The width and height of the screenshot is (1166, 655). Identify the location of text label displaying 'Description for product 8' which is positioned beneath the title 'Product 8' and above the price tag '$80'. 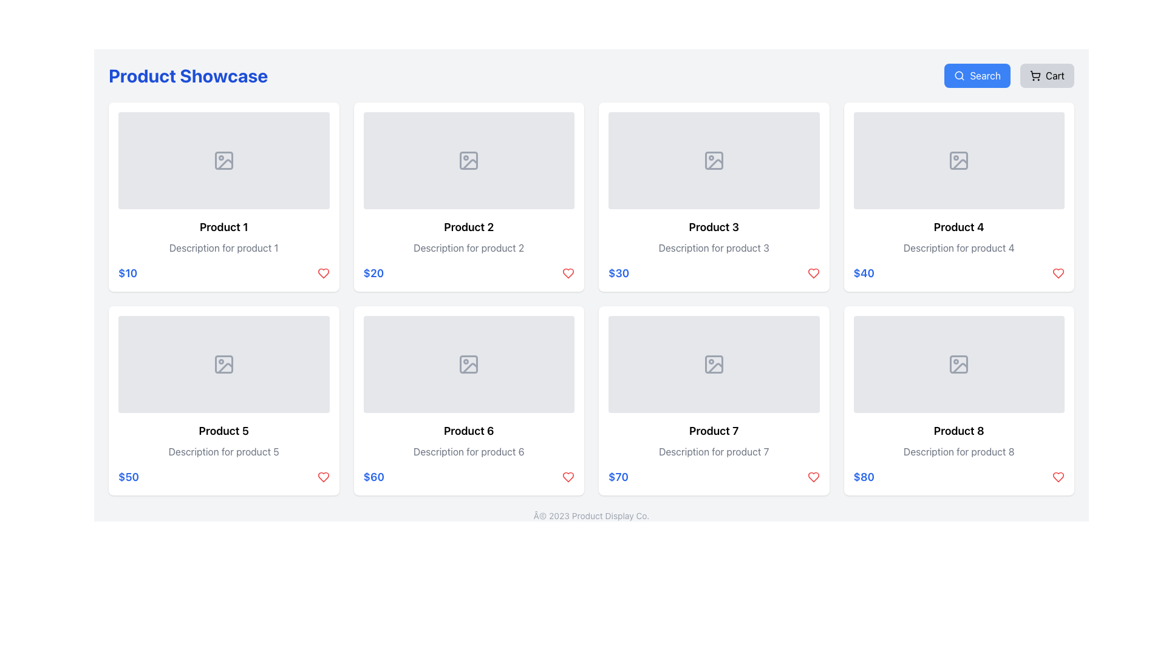
(958, 451).